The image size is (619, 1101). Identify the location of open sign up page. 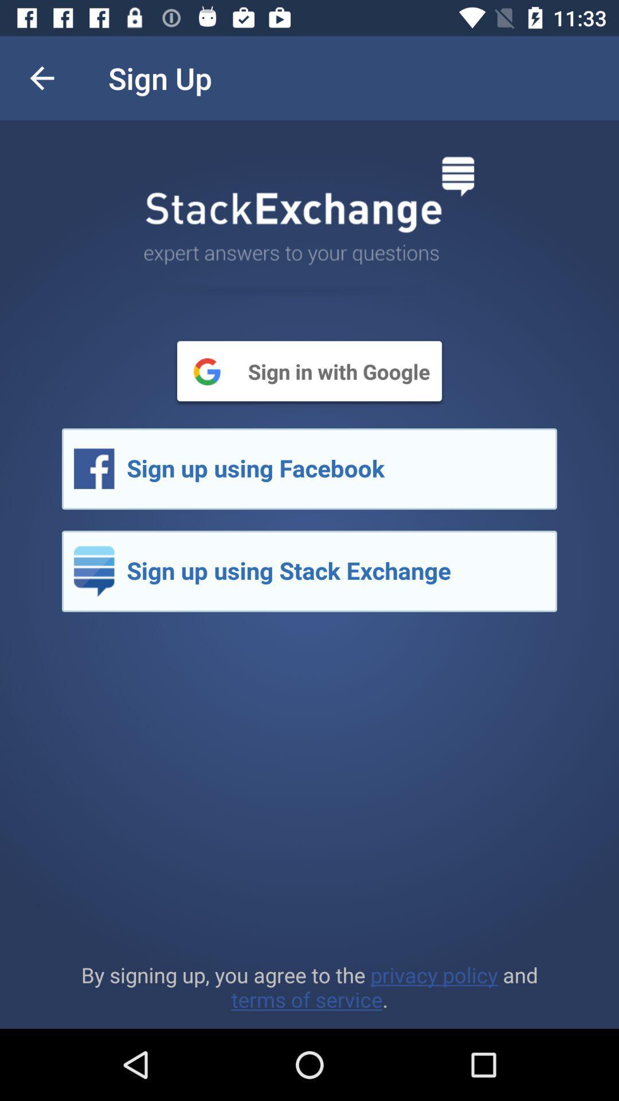
(309, 571).